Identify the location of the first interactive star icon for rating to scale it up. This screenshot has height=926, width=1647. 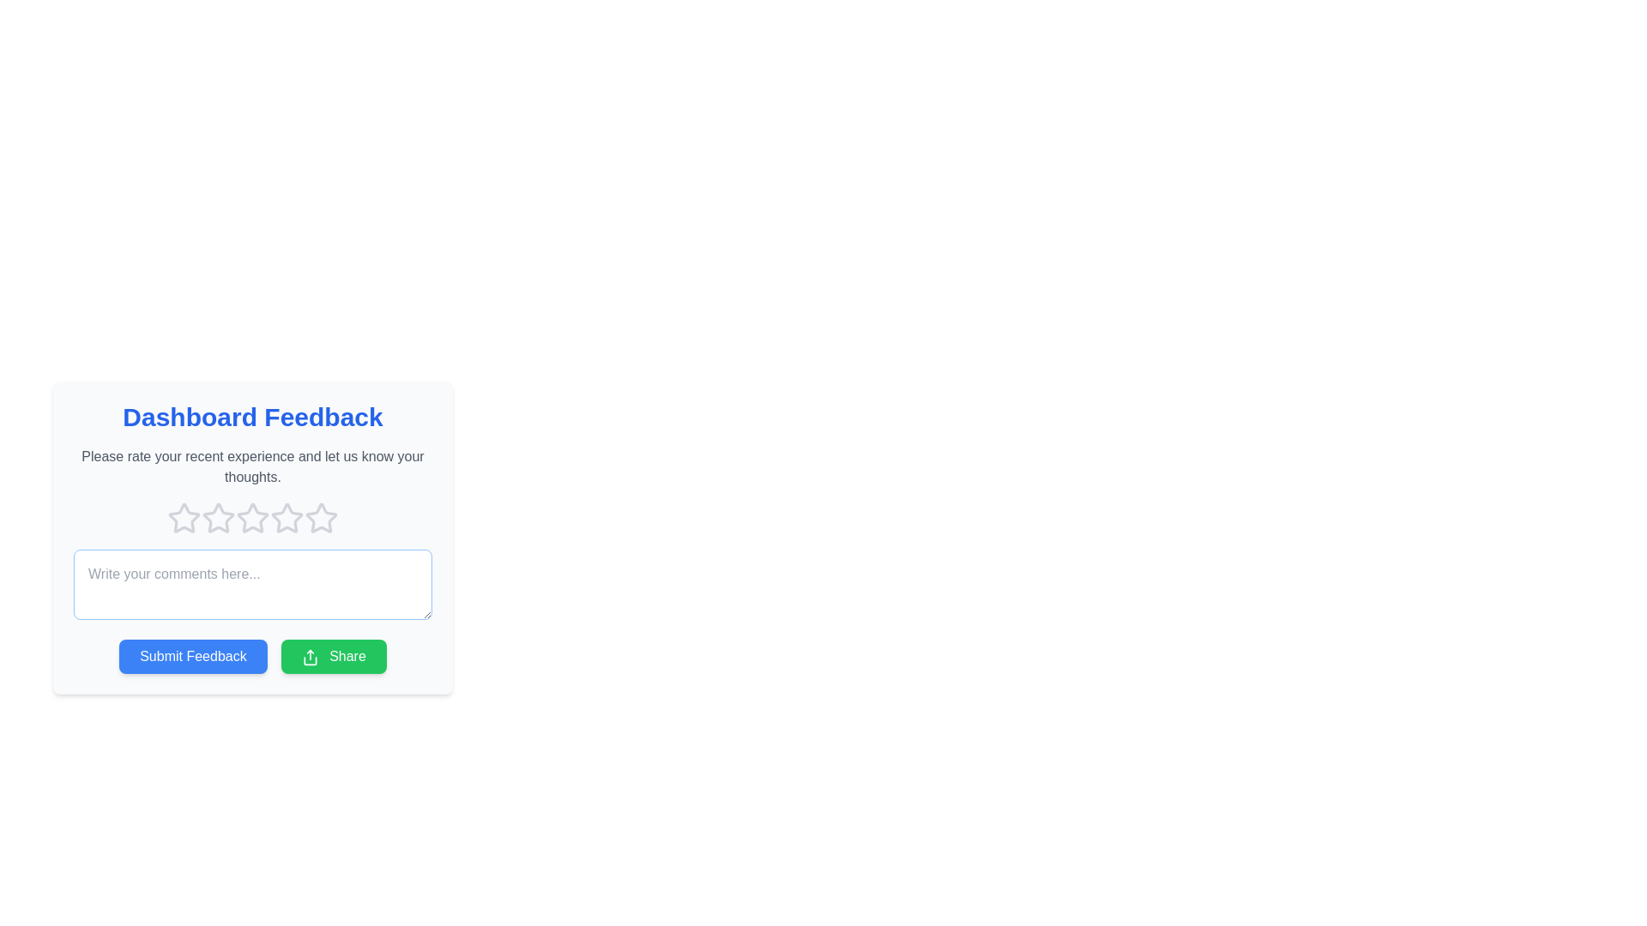
(184, 518).